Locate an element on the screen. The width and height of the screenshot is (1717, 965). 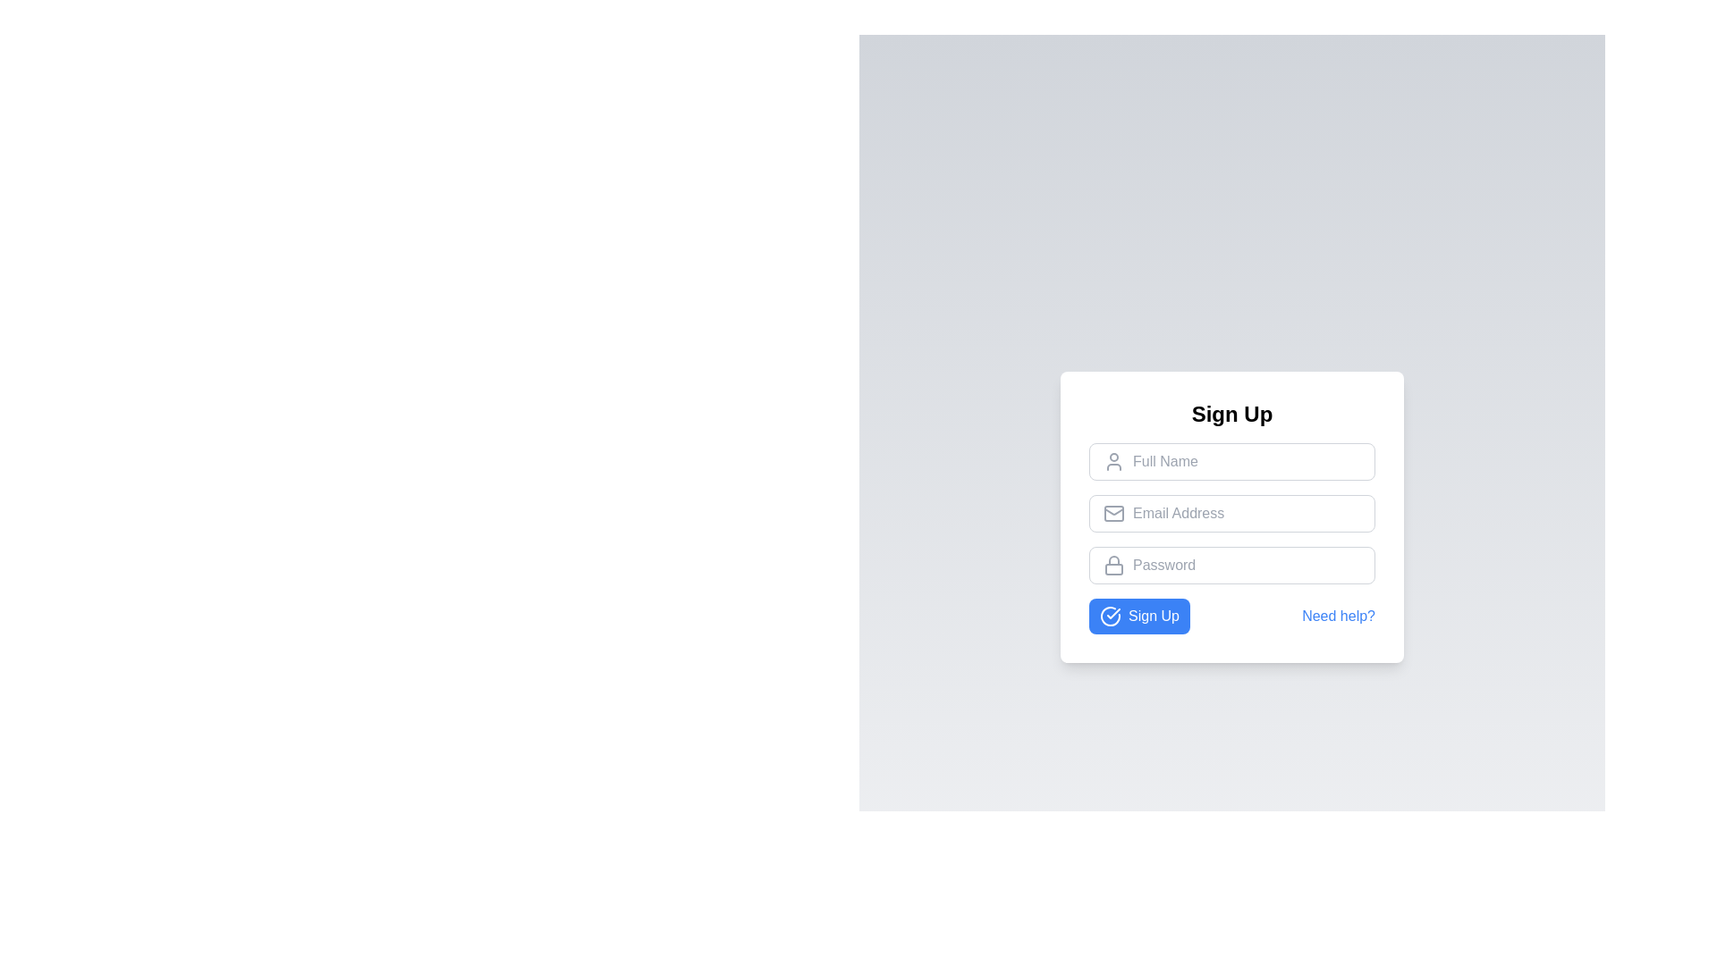
the email input field with placeholder 'Email Address', which is styled with rounded corners and positioned is located at coordinates (1231, 513).